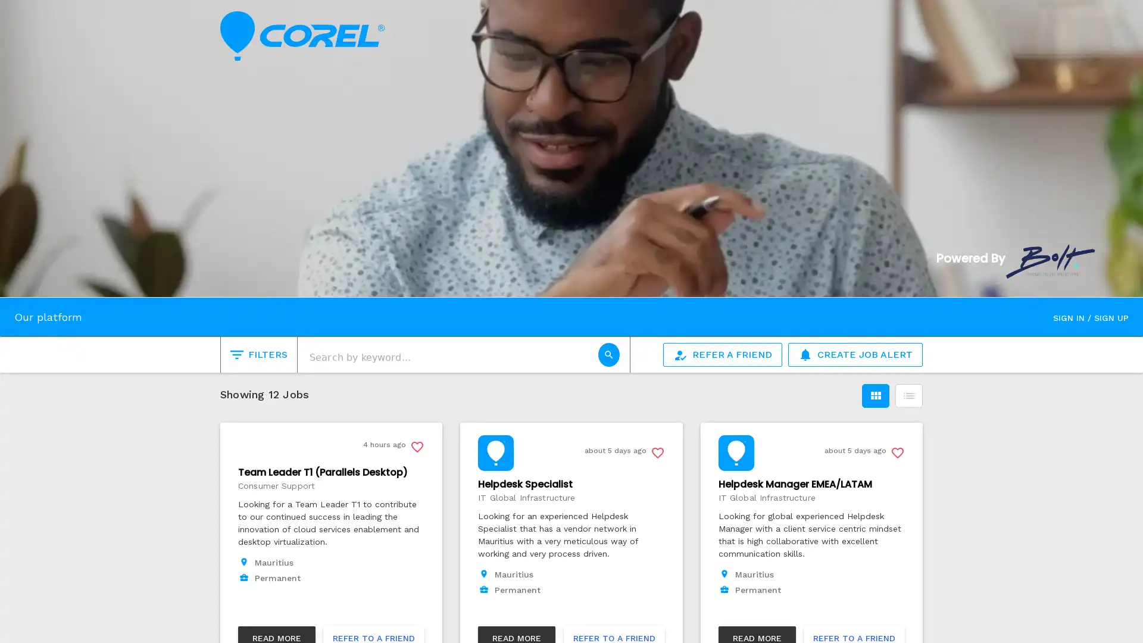 Image resolution: width=1143 pixels, height=643 pixels. I want to click on SIGN IN / SIGN UP, so click(1091, 317).